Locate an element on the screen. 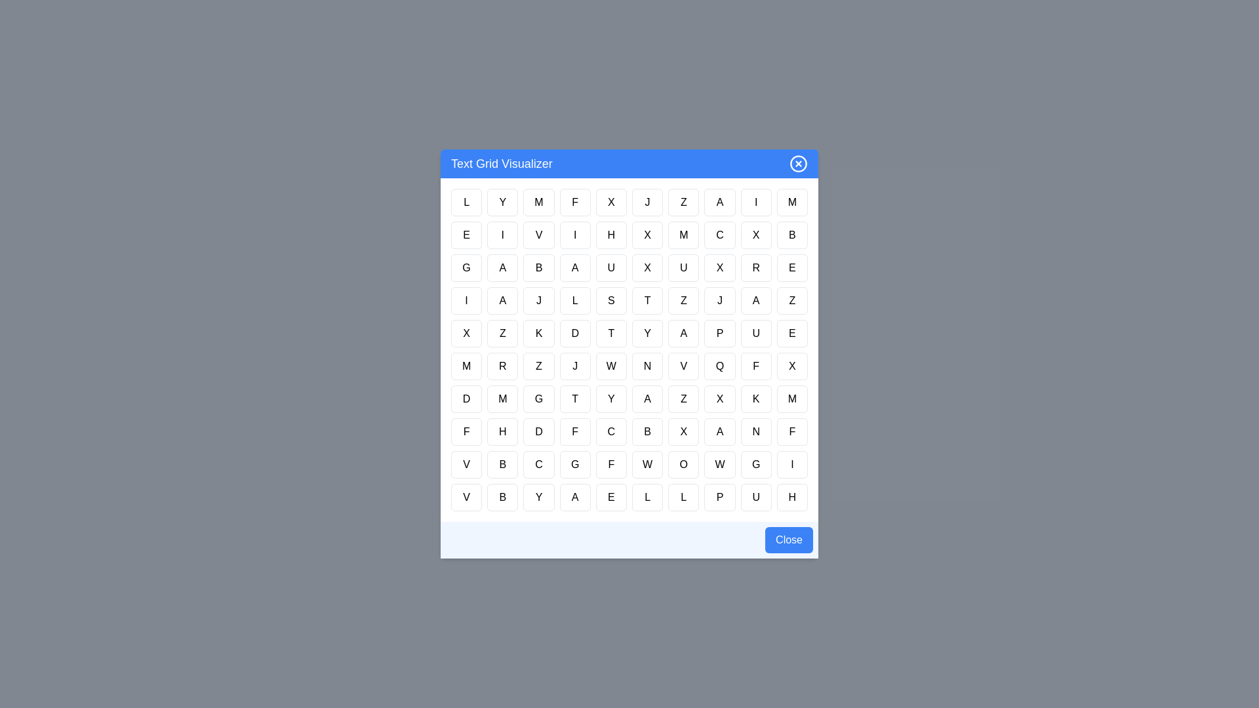 The image size is (1259, 708). the Close button at the bottom of the dialog is located at coordinates (788, 540).